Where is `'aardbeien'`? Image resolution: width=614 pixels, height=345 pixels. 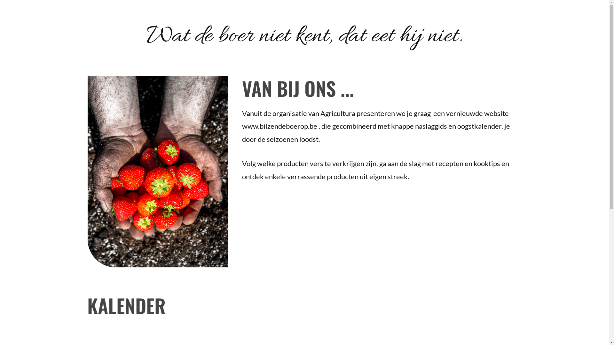 'aardbeien' is located at coordinates (158, 171).